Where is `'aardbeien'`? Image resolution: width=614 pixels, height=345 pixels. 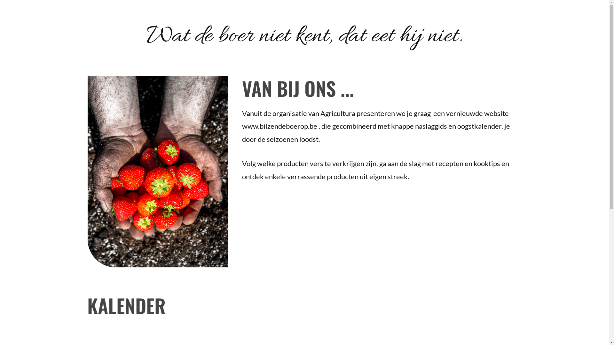 'aardbeien' is located at coordinates (158, 171).